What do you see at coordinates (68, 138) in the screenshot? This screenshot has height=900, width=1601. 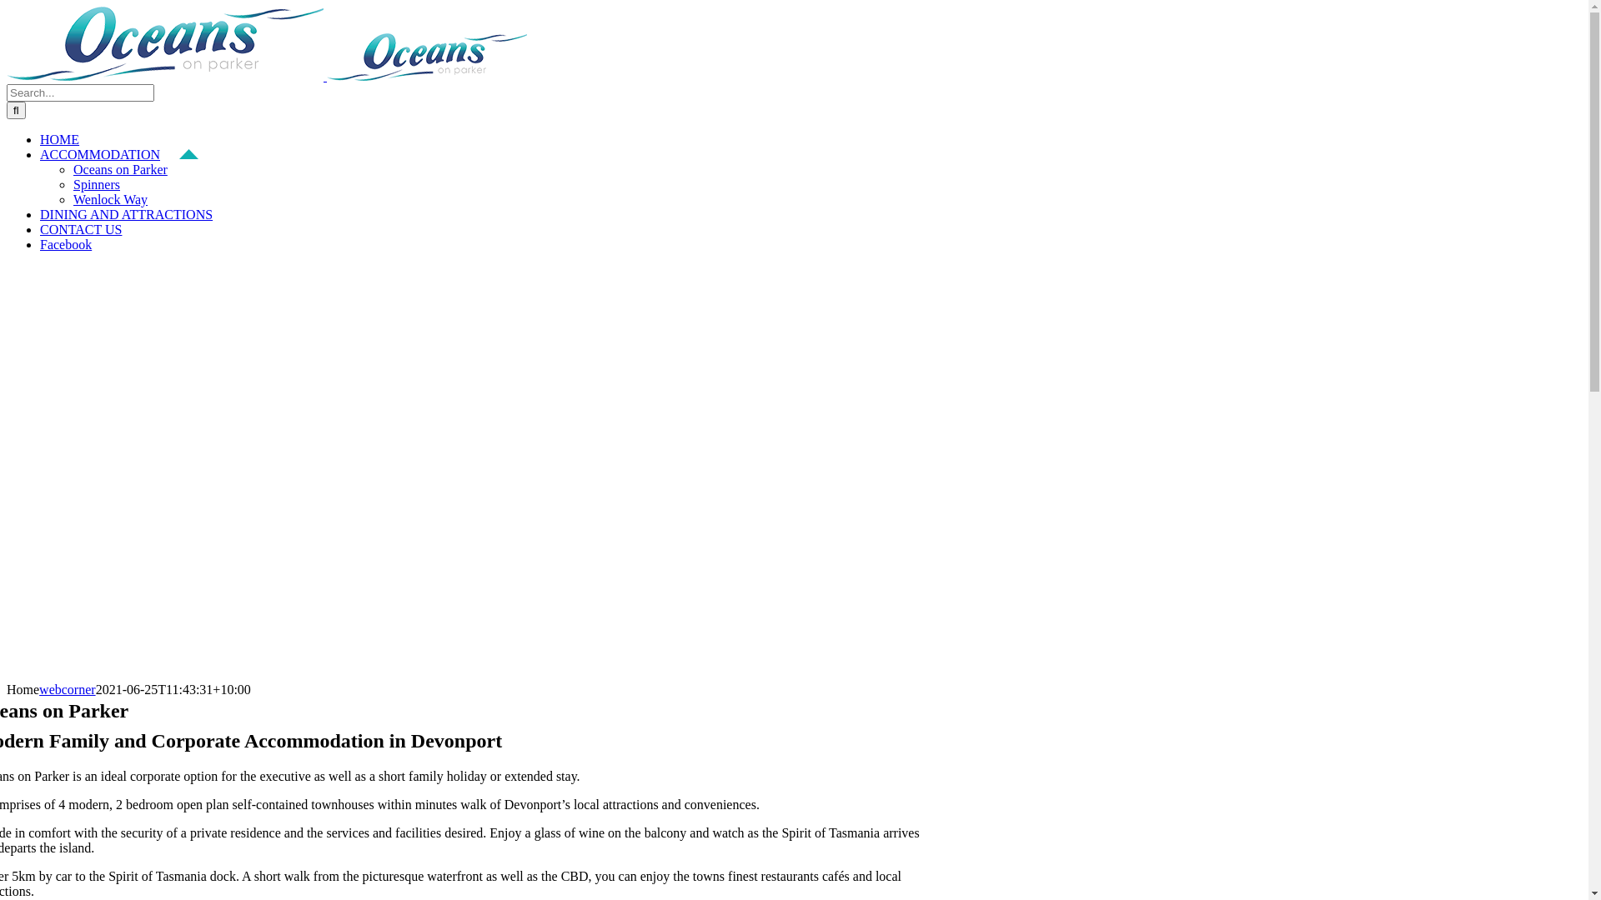 I see `'HOME'` at bounding box center [68, 138].